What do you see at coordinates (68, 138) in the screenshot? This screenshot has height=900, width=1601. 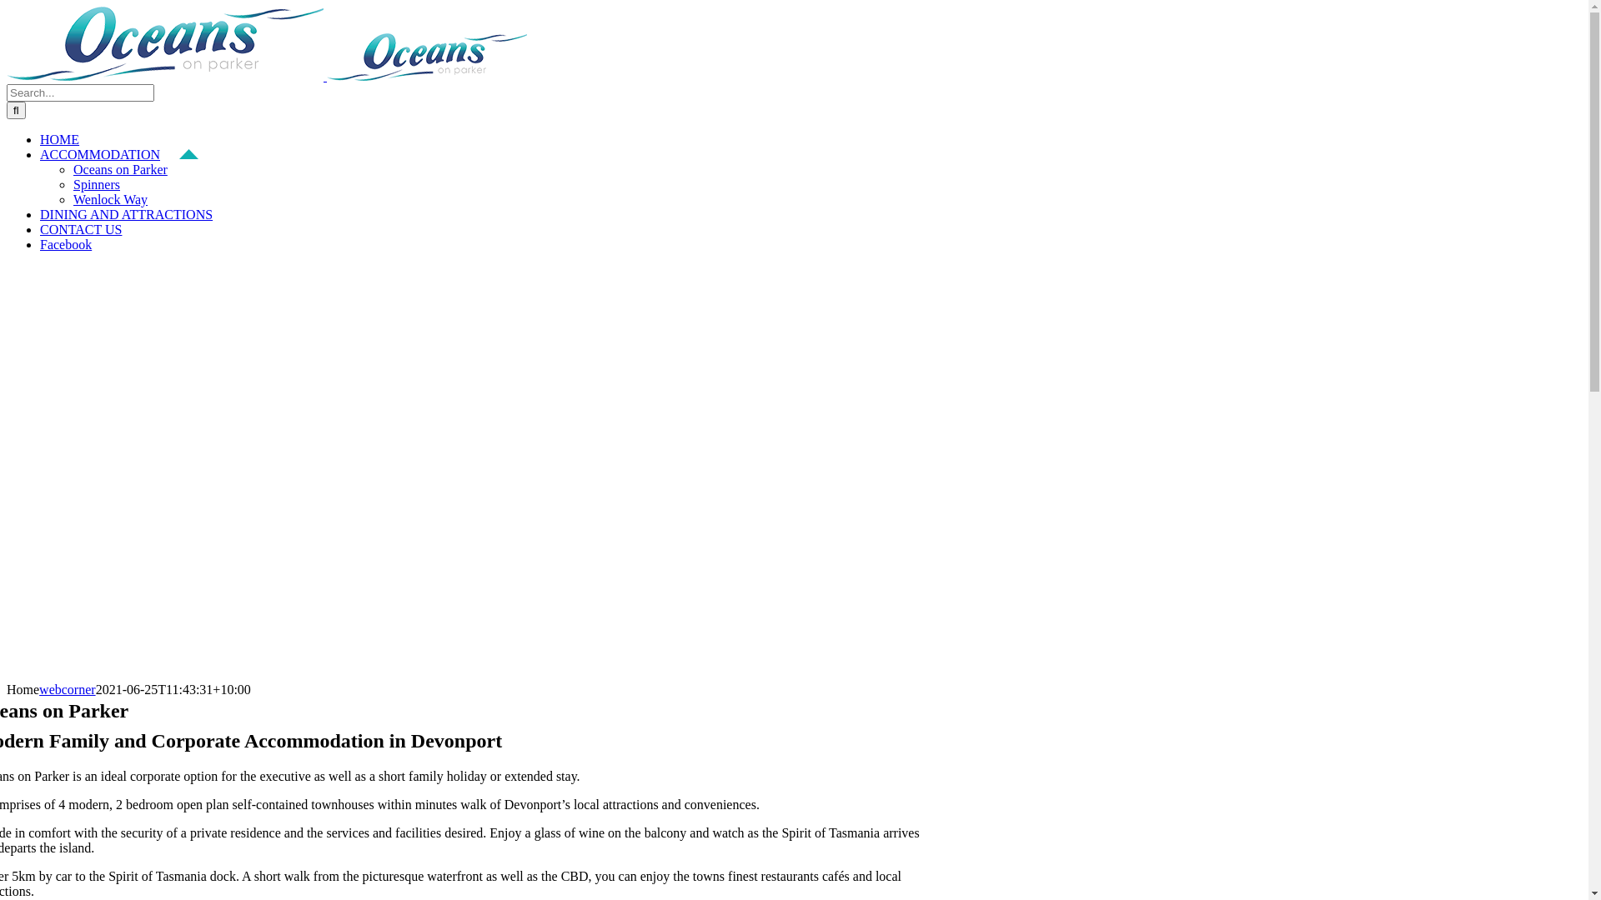 I see `'HOME'` at bounding box center [68, 138].